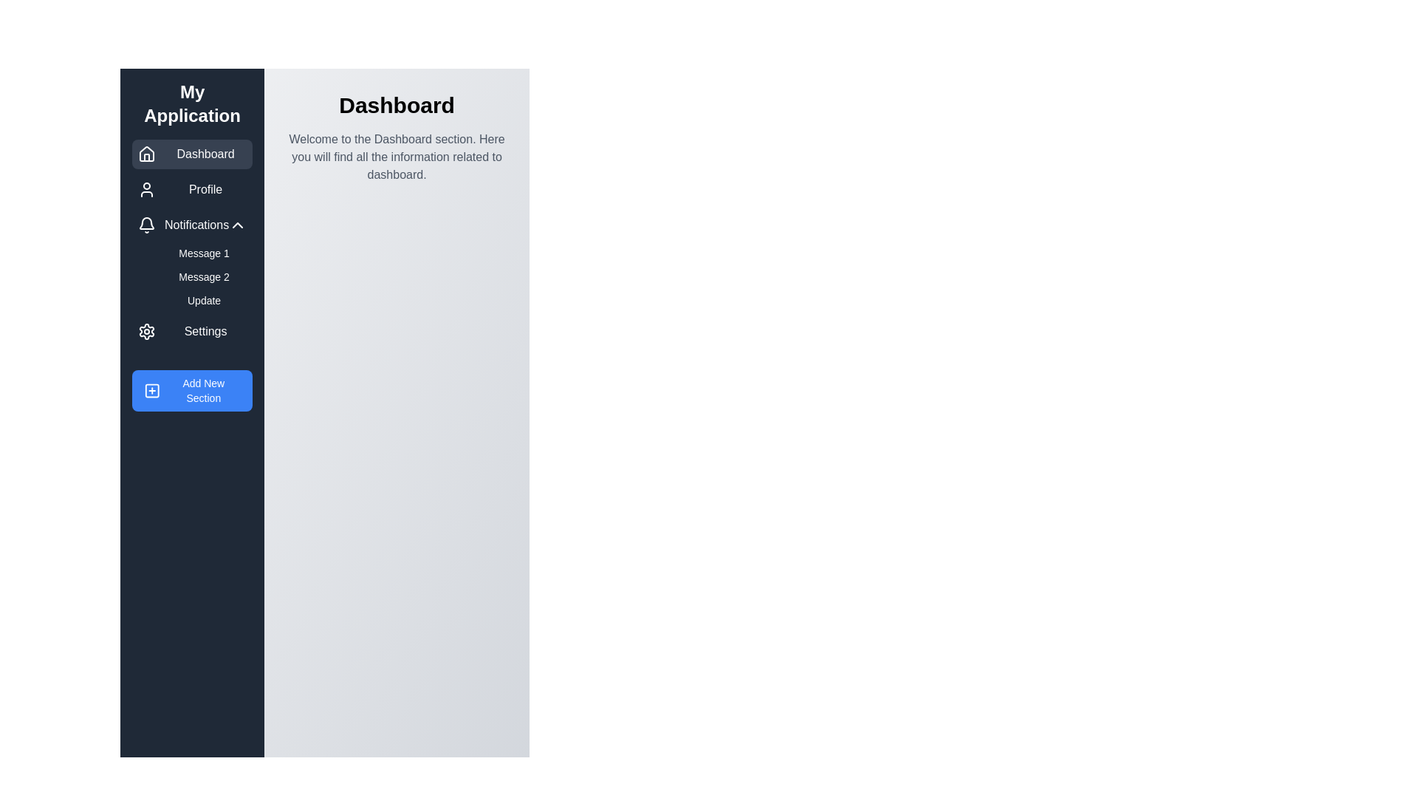 The width and height of the screenshot is (1418, 798). Describe the element at coordinates (191, 330) in the screenshot. I see `the 'Settings' navigation button, which includes a gear icon and white text, located at the bottom of the navigation bar` at that location.